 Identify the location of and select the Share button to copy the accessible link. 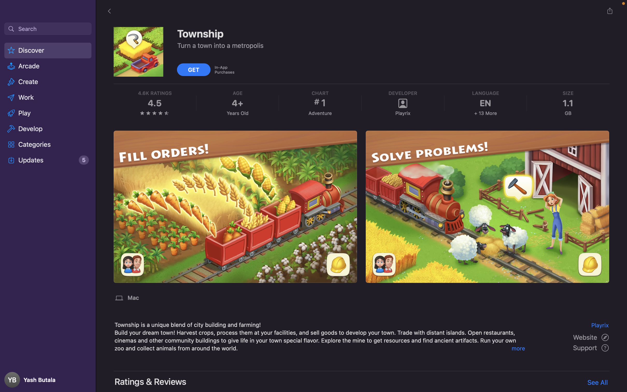
(609, 11).